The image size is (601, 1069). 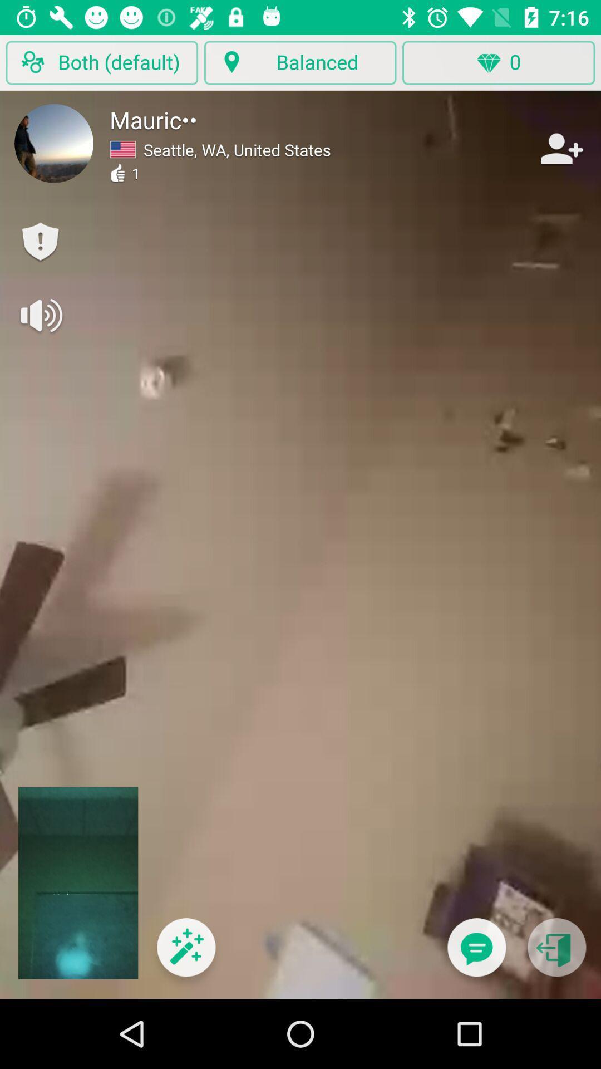 What do you see at coordinates (40, 315) in the screenshot?
I see `turn volume on` at bounding box center [40, 315].